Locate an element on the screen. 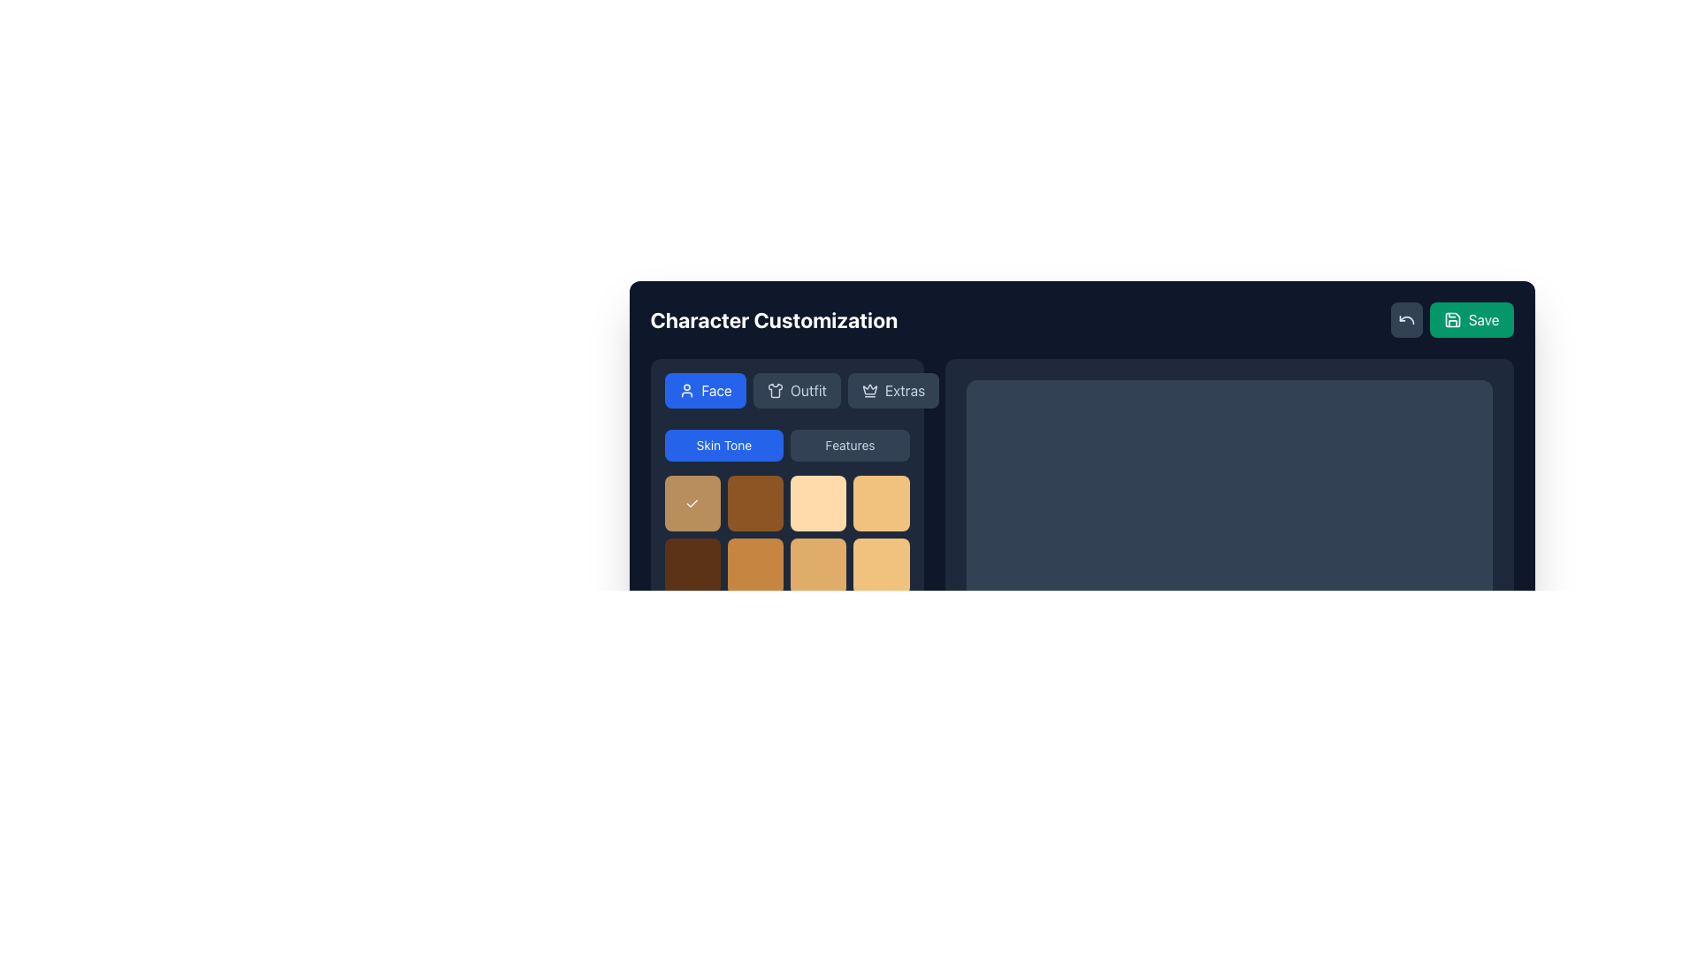  the 'Outfit' button located next to the 'Face' button and to the left of the 'Extras' button is located at coordinates (796, 390).